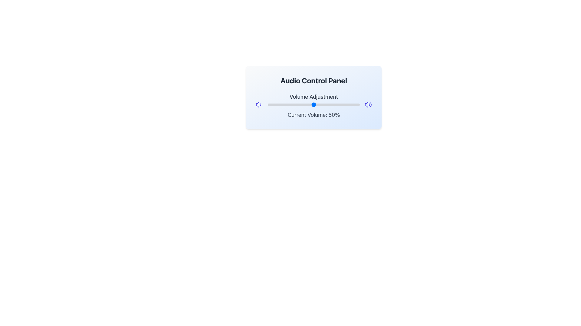  What do you see at coordinates (285, 103) in the screenshot?
I see `the volume` at bounding box center [285, 103].